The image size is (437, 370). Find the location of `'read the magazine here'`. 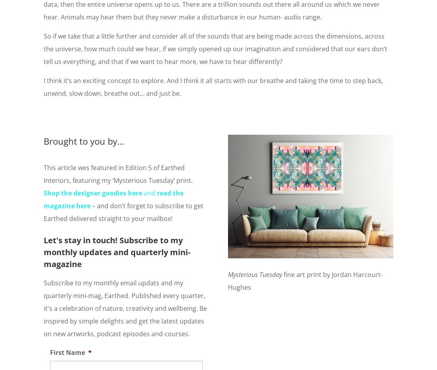

'read the magazine here' is located at coordinates (113, 199).